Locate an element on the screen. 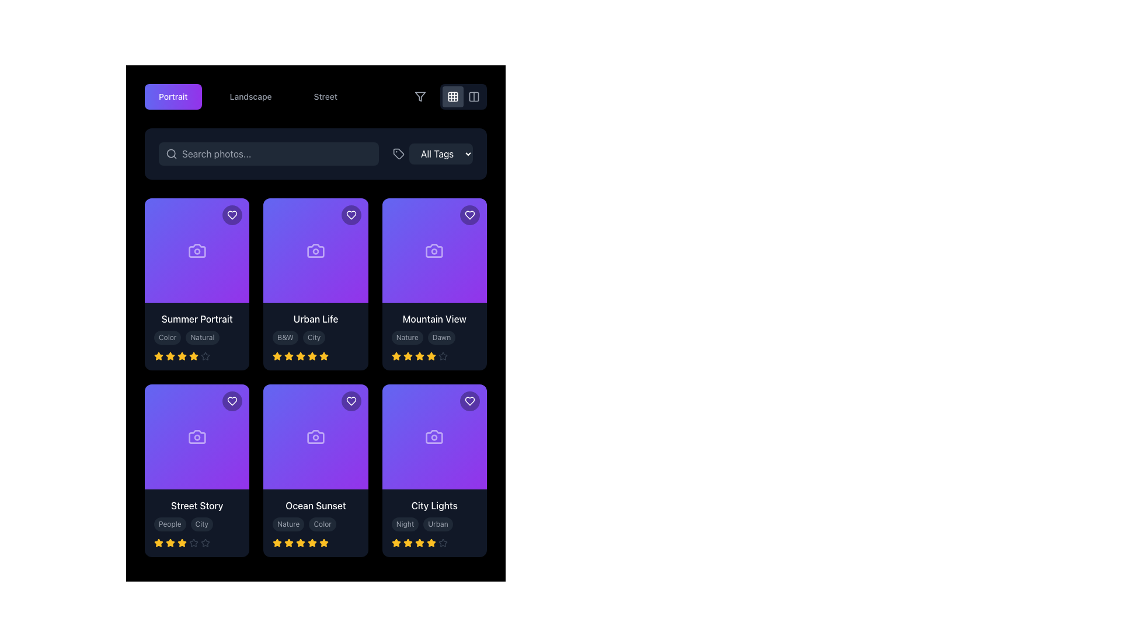 The width and height of the screenshot is (1121, 630). the Card component is located at coordinates (316, 470).